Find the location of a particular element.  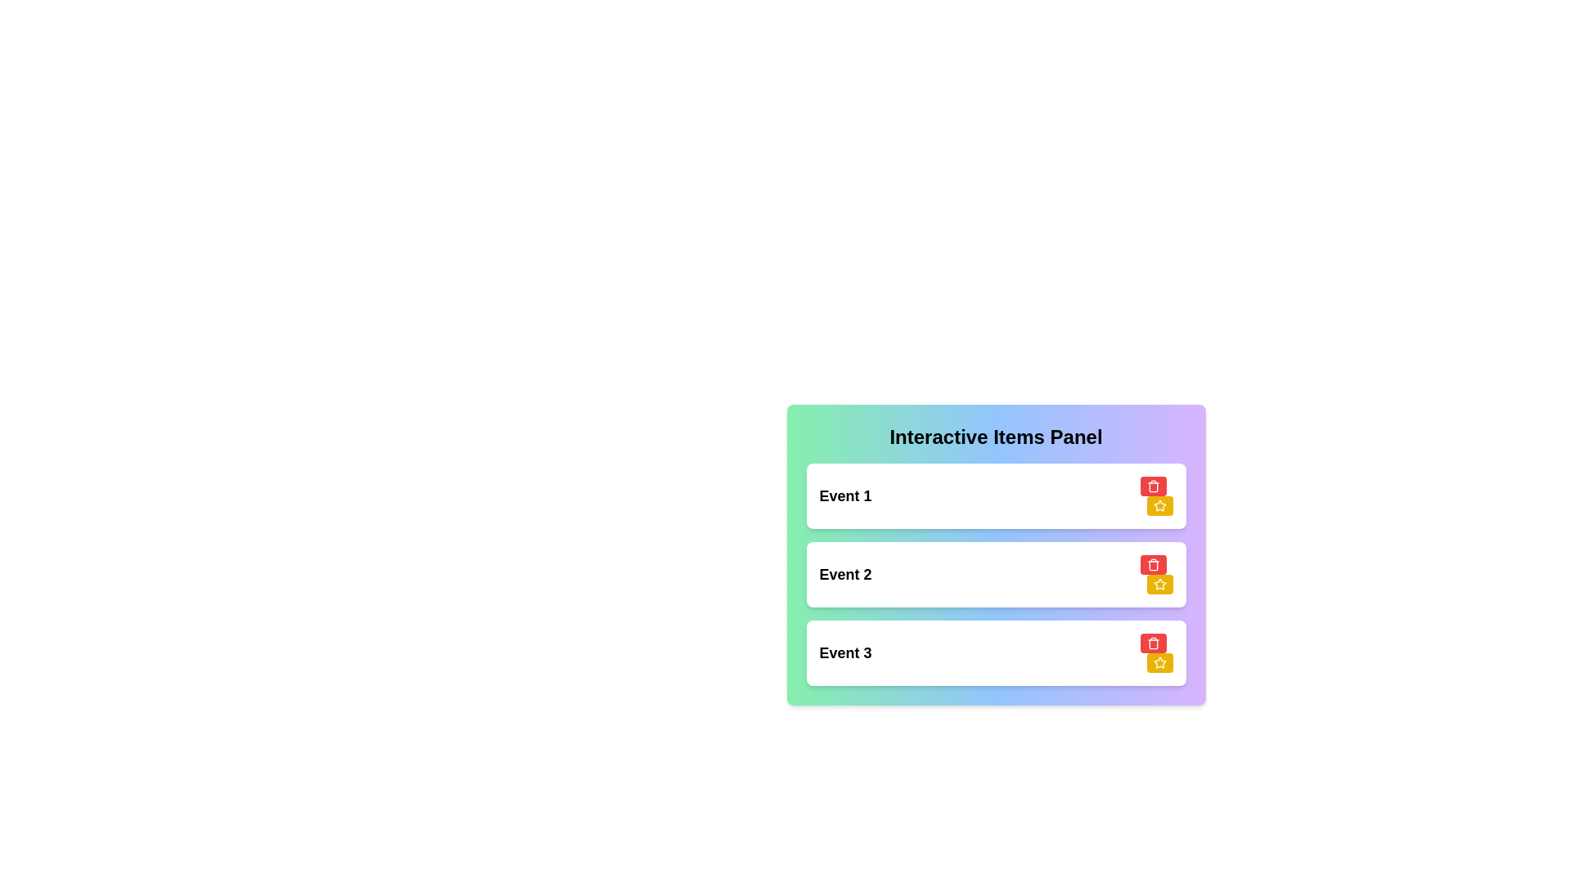

the favorite button with a star icon located is located at coordinates (1159, 583).